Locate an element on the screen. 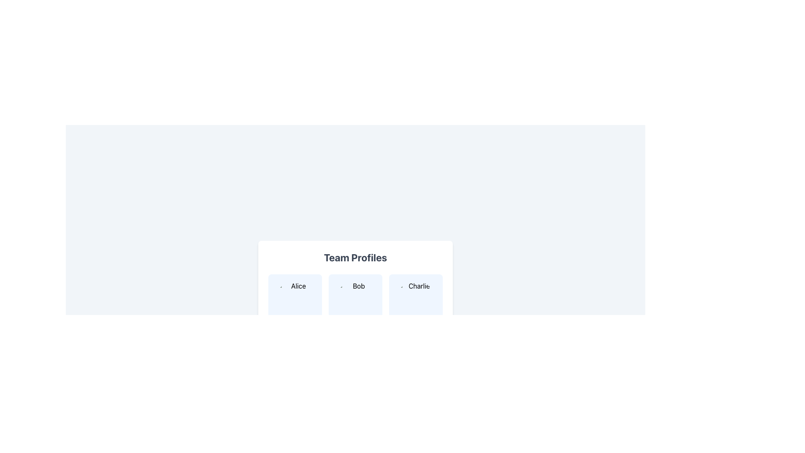 This screenshot has width=805, height=453. the circular image with a placeholder symbol and 'alt' attribute value of 'Charlie', located at the center top position of the card labeled 'Charlie' in the third column of the 'Team Profiles' grid is located at coordinates (416, 300).